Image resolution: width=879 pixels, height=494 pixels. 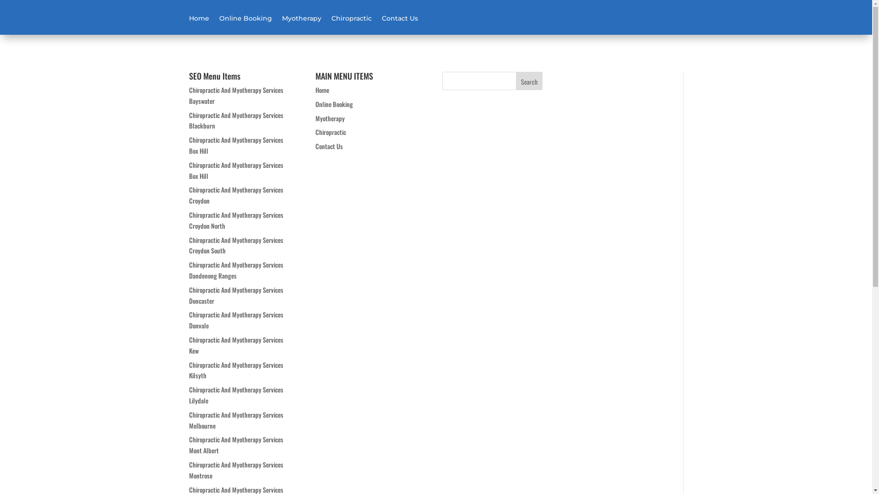 I want to click on 'Chiropractic And Myotherapy Services Kew', so click(x=235, y=345).